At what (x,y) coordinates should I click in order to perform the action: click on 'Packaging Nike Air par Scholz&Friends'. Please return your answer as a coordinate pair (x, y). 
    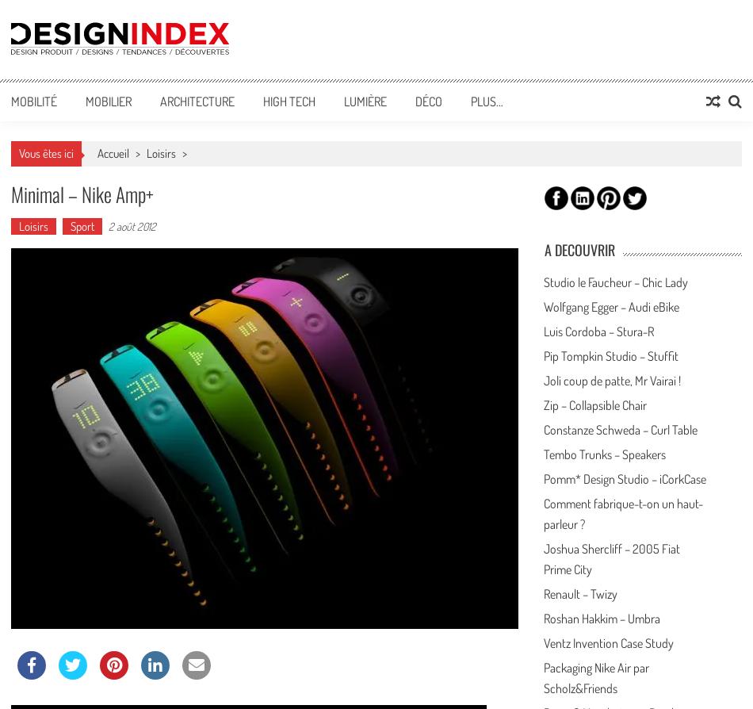
    Looking at the image, I should click on (594, 676).